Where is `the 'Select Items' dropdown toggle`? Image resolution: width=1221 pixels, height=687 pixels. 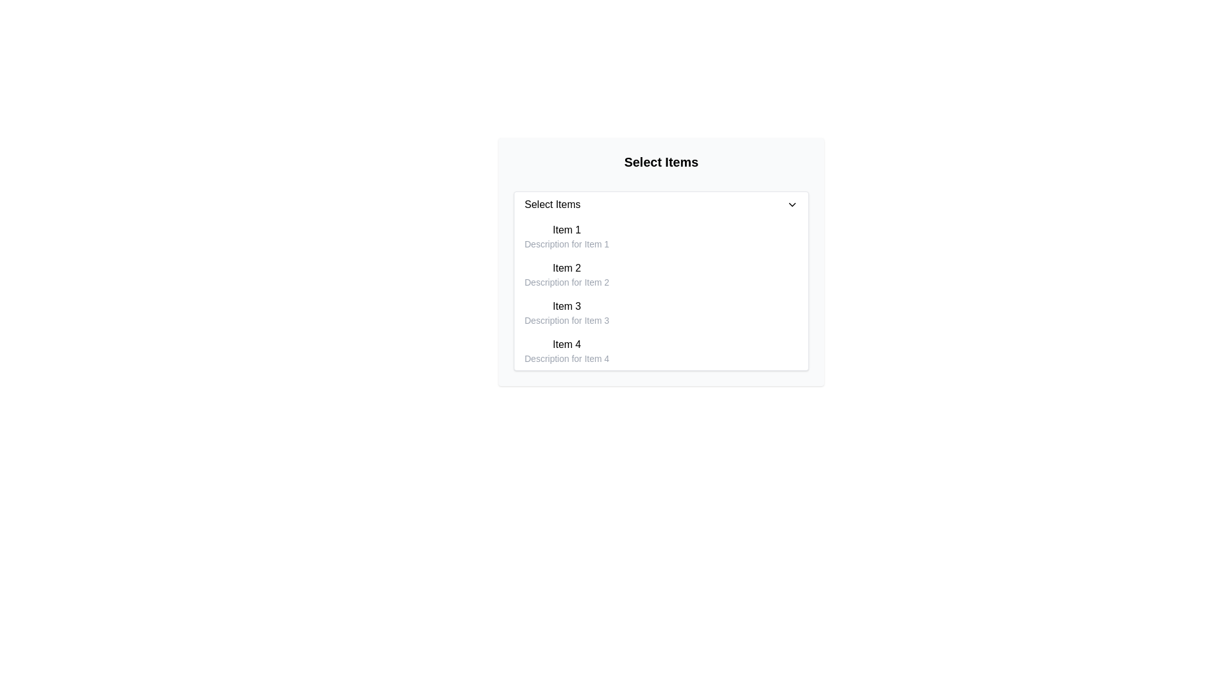 the 'Select Items' dropdown toggle is located at coordinates (661, 204).